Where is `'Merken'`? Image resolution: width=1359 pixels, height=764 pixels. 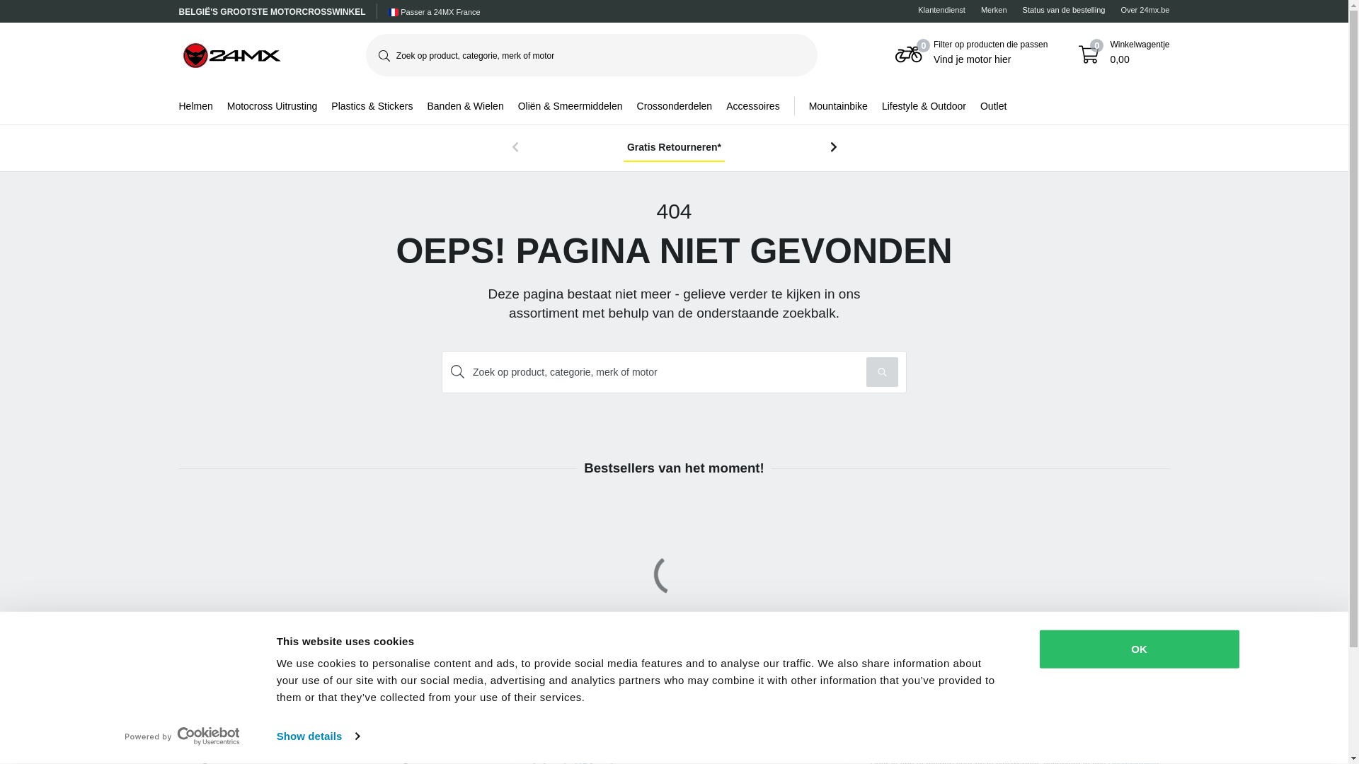
'Merken' is located at coordinates (993, 10).